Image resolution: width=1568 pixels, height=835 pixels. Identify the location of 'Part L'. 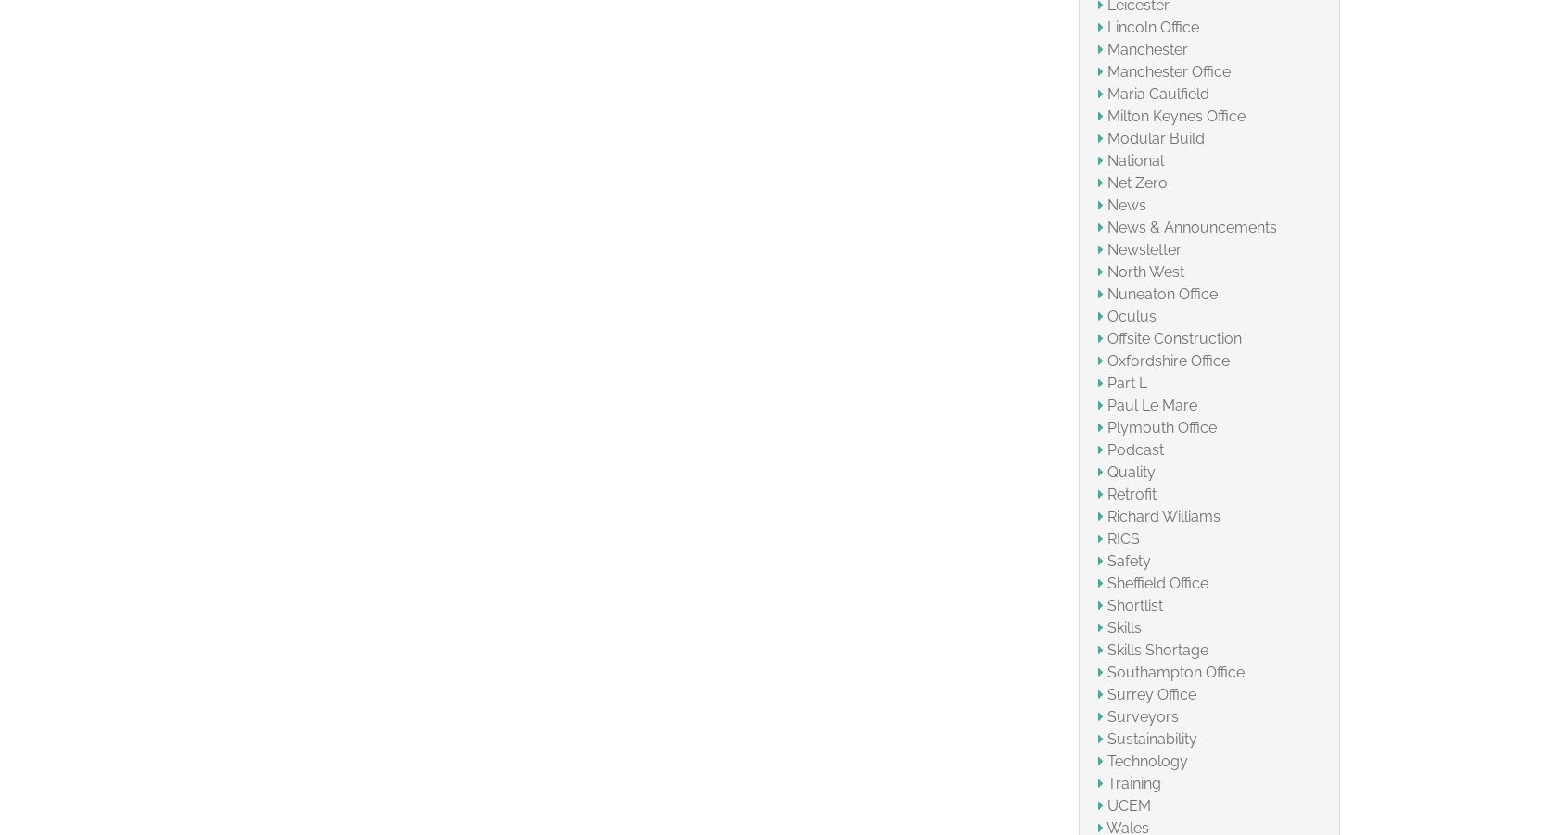
(1126, 381).